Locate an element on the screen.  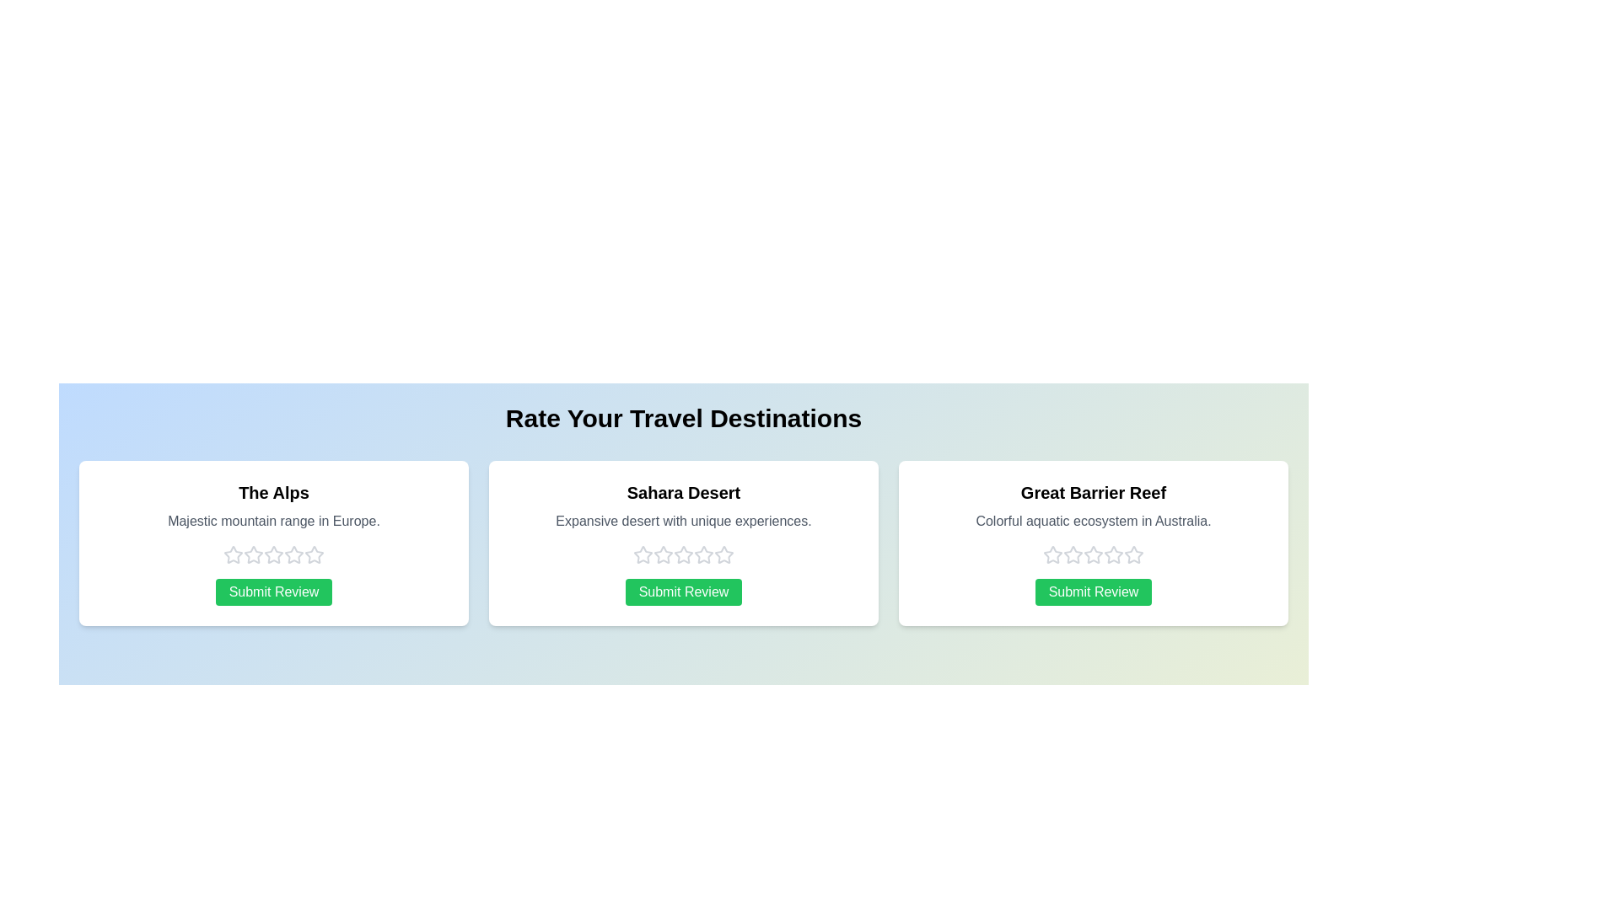
the 'Submit Review' button for the selected destination The Alps is located at coordinates (274, 591).